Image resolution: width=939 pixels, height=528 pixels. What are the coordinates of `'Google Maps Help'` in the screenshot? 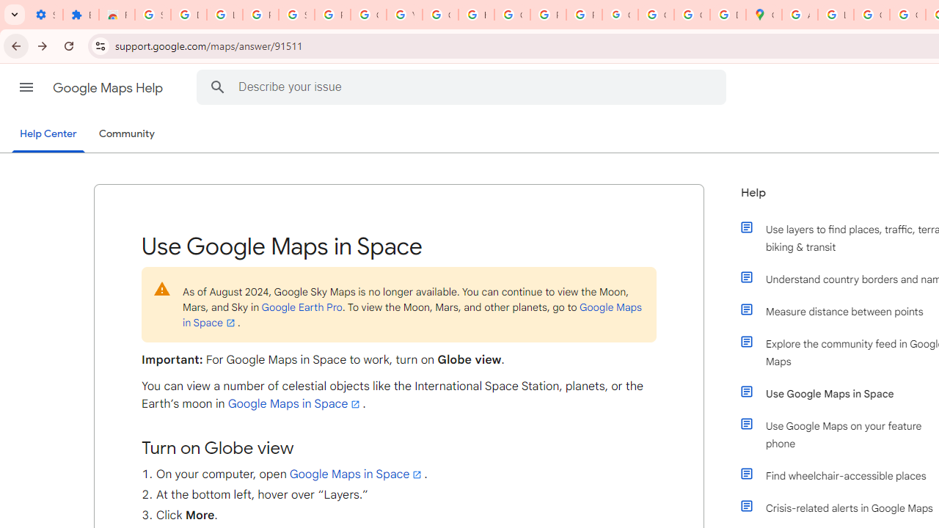 It's located at (109, 87).